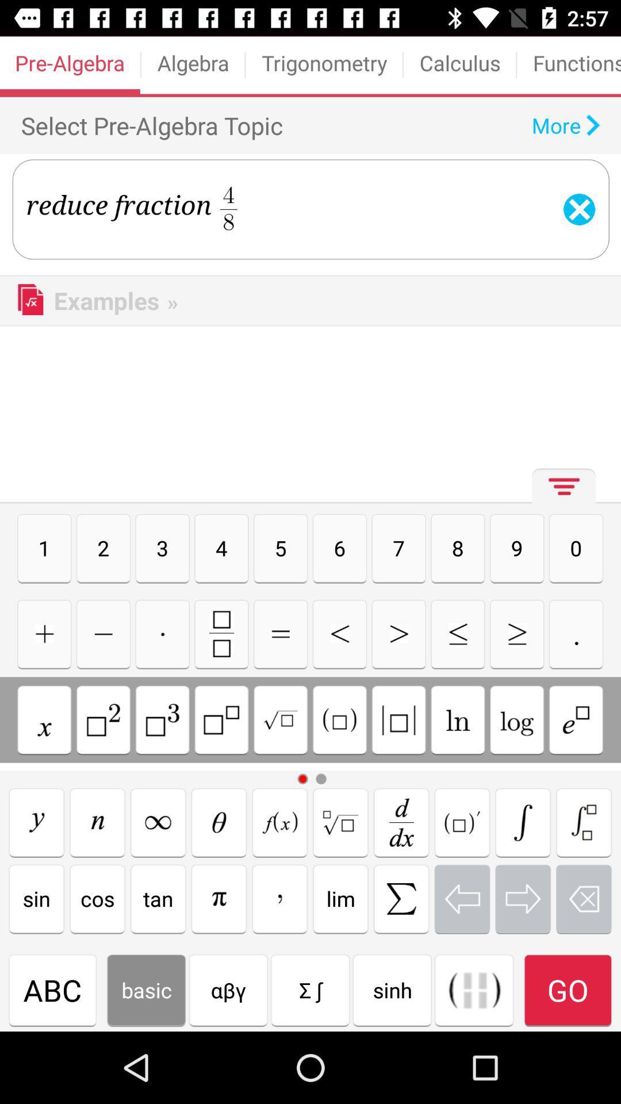 This screenshot has width=621, height=1104. I want to click on x 's out of font text options, so click(584, 898).